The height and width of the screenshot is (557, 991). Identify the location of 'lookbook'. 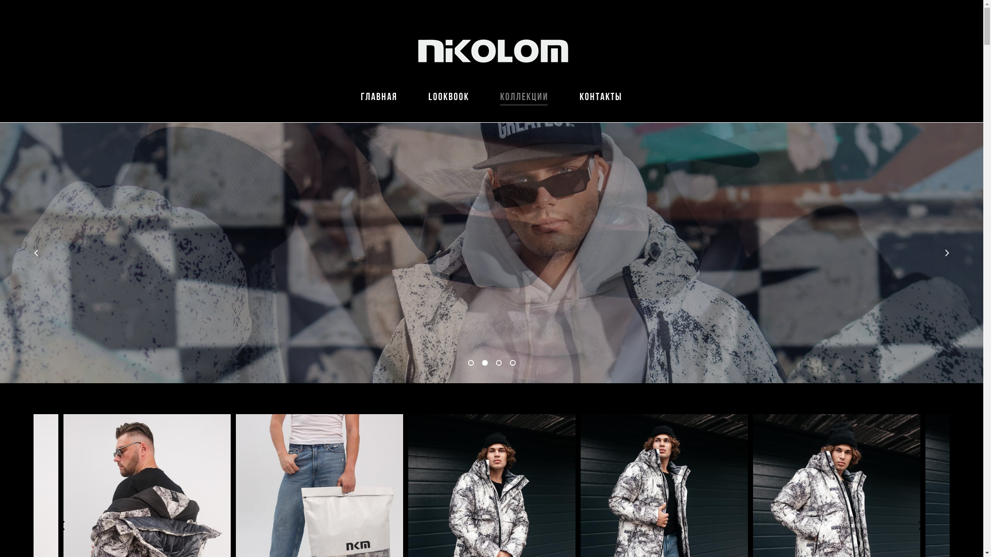
(449, 96).